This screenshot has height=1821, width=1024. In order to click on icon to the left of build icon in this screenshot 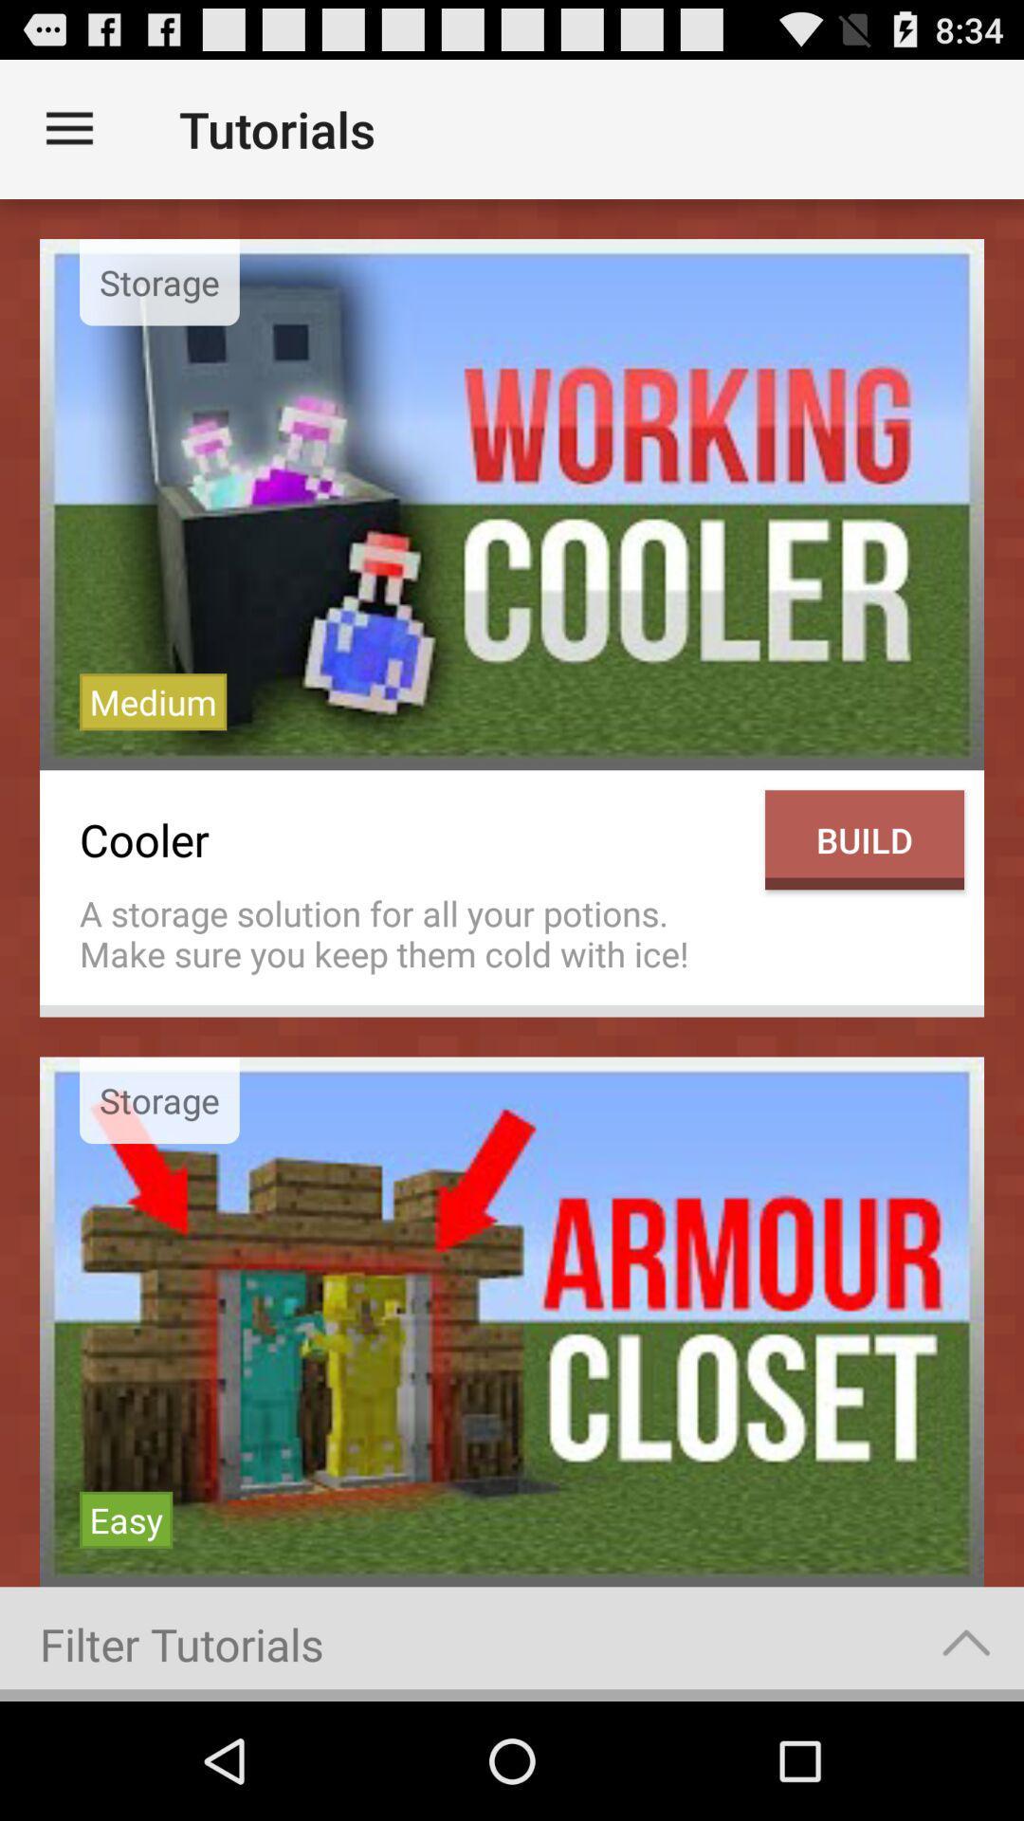, I will do `click(411, 933)`.